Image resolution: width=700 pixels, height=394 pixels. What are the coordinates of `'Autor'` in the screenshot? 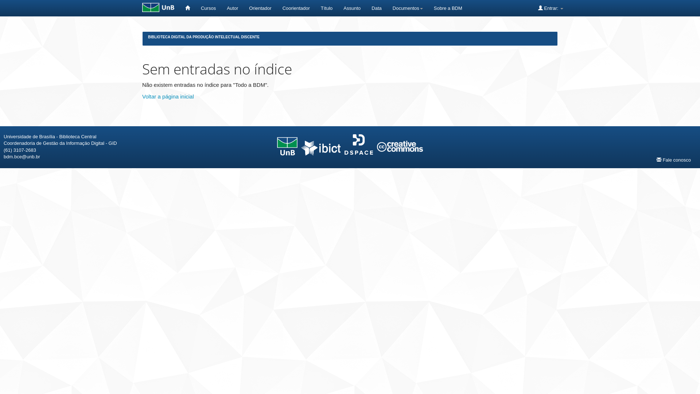 It's located at (232, 8).